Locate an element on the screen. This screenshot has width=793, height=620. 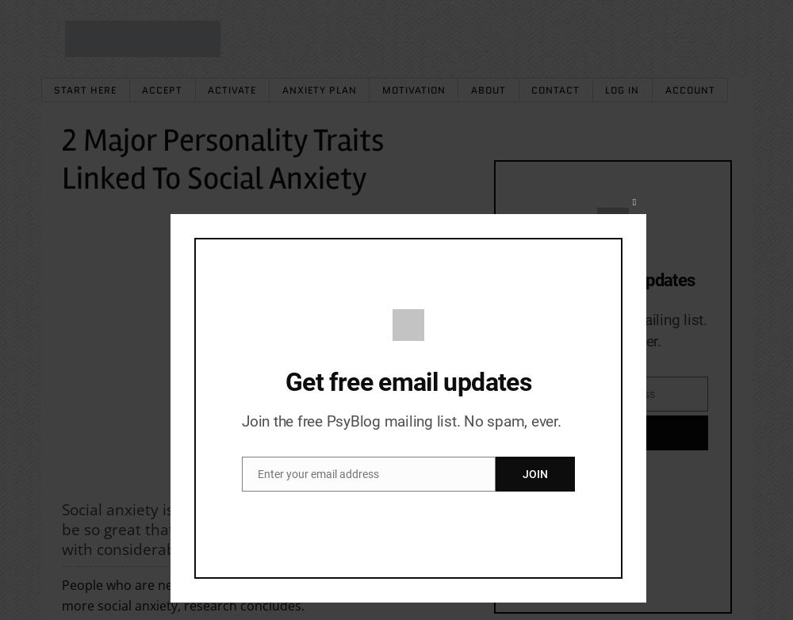
'Account' is located at coordinates (688, 90).